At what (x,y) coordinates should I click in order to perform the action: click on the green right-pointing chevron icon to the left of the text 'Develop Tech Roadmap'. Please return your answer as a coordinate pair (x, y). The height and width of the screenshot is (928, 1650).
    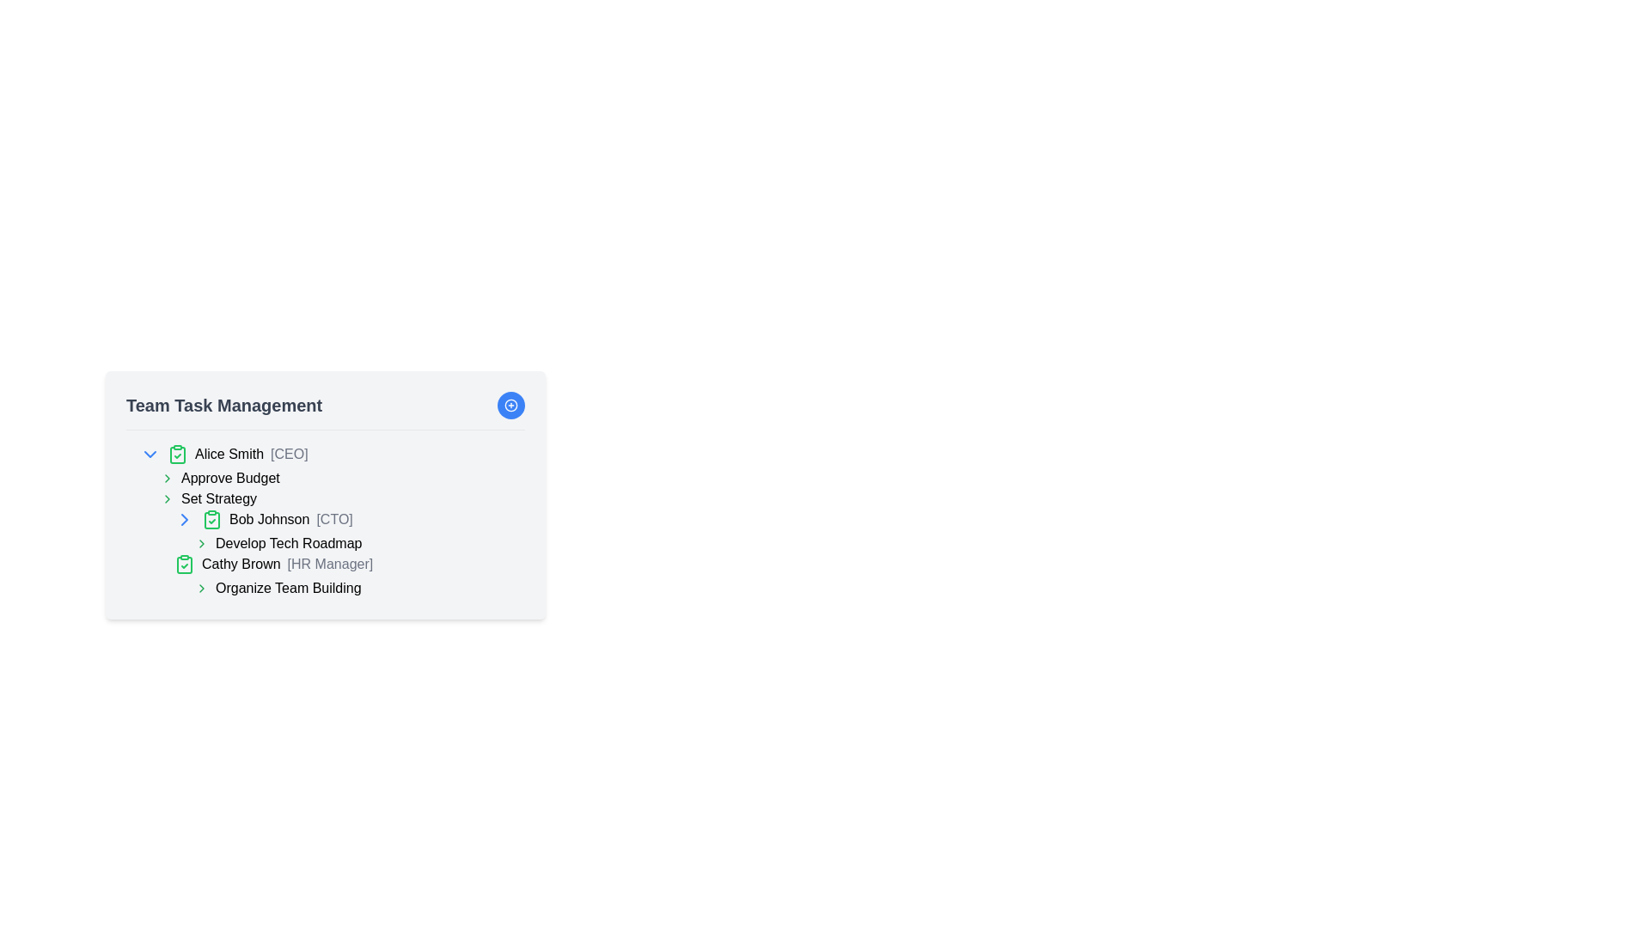
    Looking at the image, I should click on (202, 543).